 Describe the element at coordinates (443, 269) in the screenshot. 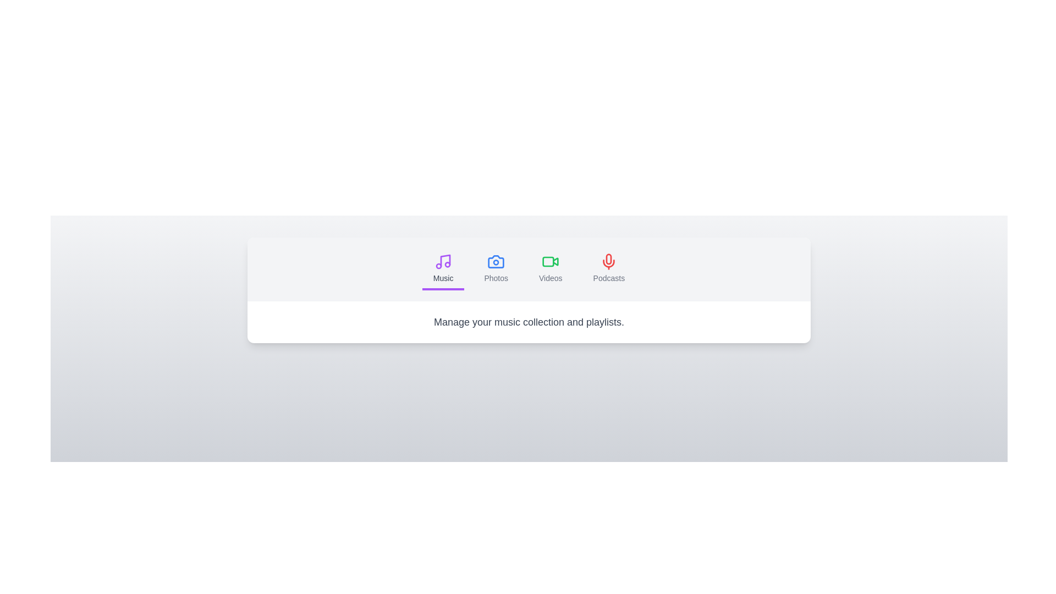

I see `the tab labeled Music to switch to its content section` at that location.